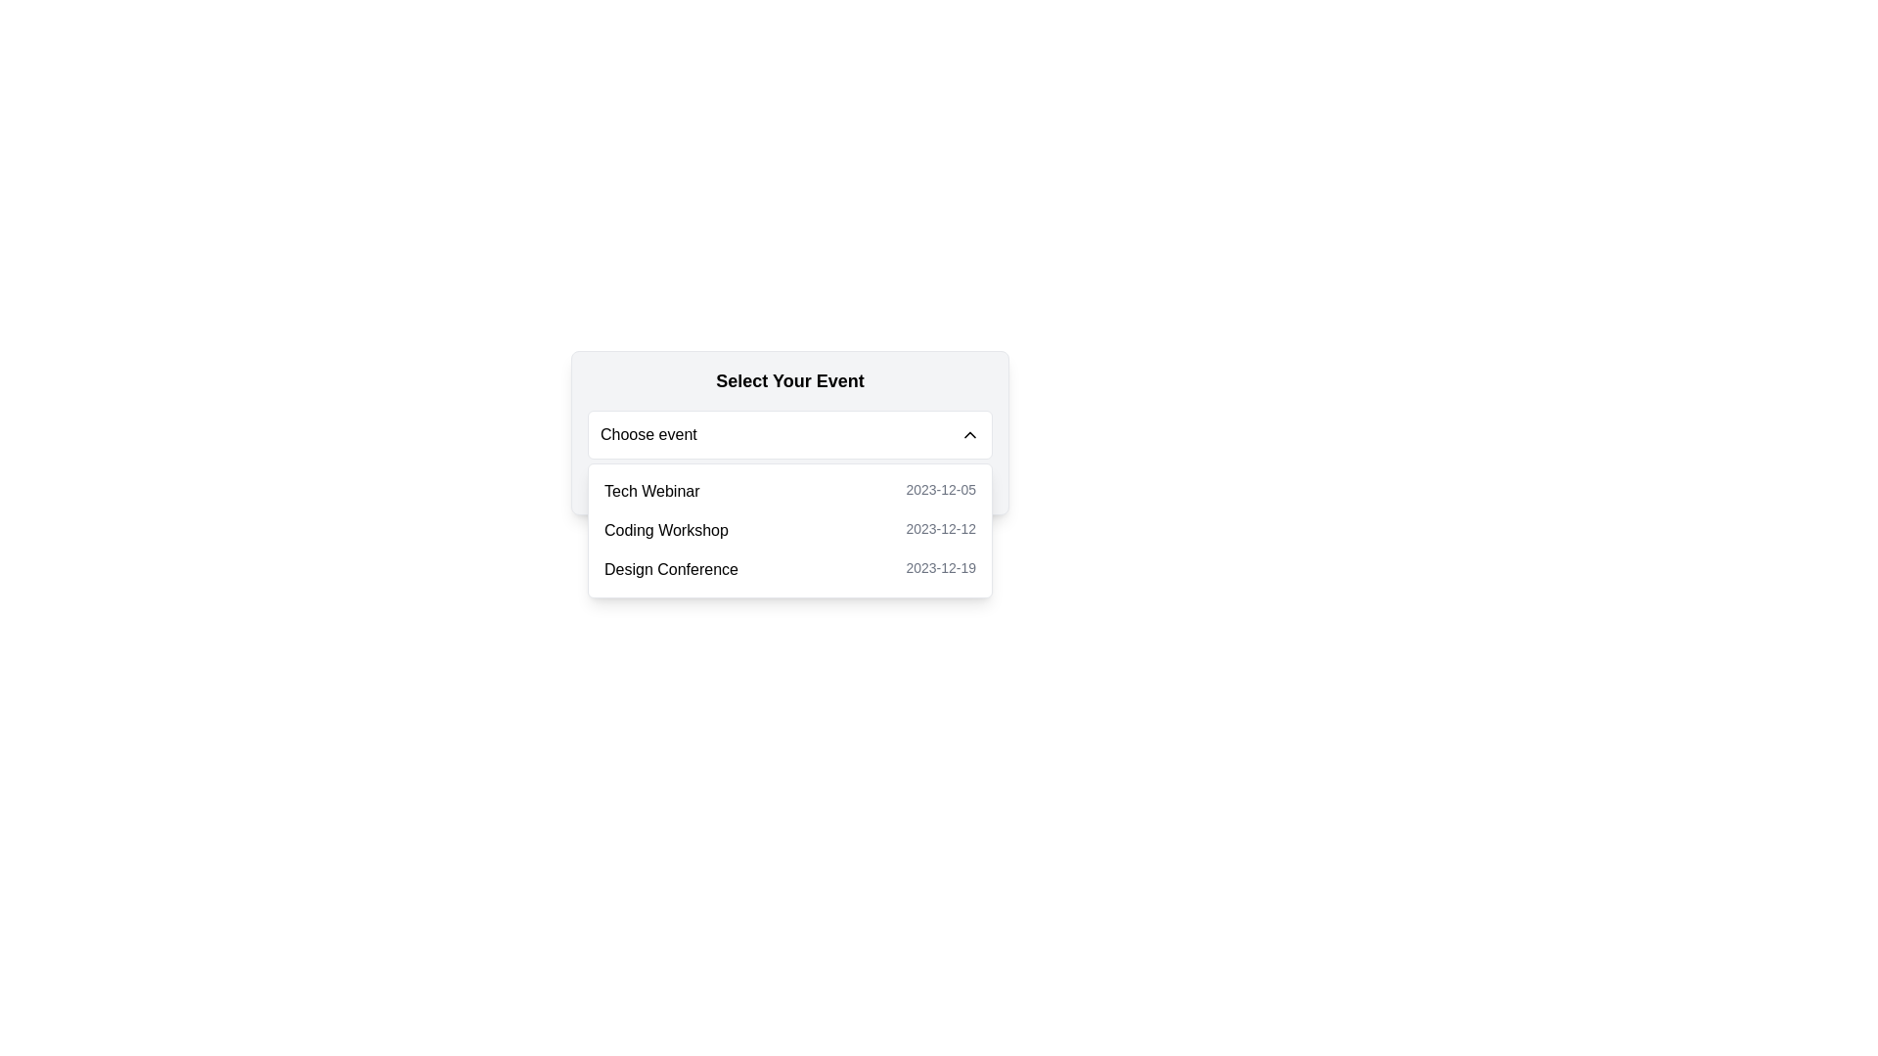 Image resolution: width=1878 pixels, height=1056 pixels. I want to click on the dropdown menu item labeled 'Coding Workshop', so click(789, 531).